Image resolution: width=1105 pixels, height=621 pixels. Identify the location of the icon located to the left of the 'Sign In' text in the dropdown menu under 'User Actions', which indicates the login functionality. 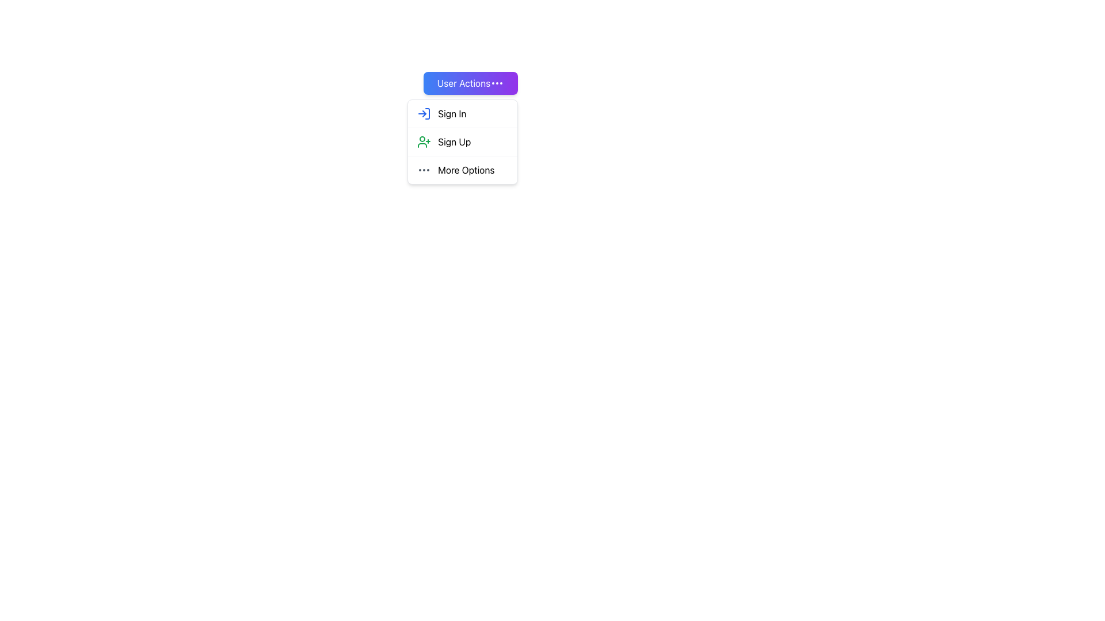
(424, 113).